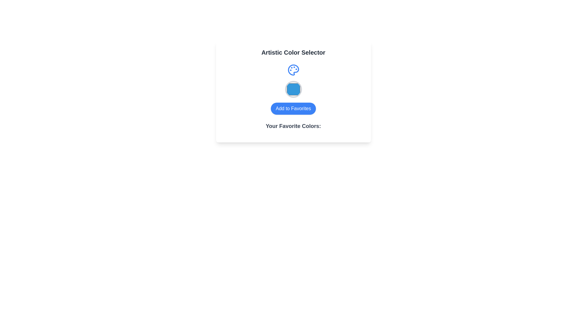  I want to click on text from the header labeled 'Your Favorite Colors:' located at the bottom of the UI card, directly underneath the blue 'Add to Favorites' button, so click(293, 128).